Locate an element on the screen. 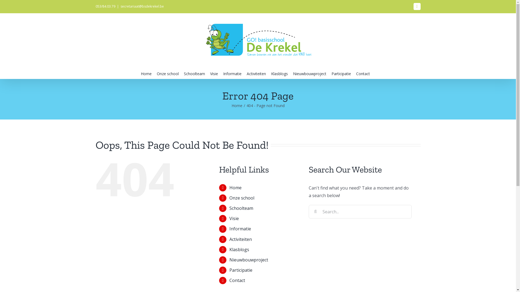 The height and width of the screenshot is (292, 520). 'Participatie' is located at coordinates (240, 270).